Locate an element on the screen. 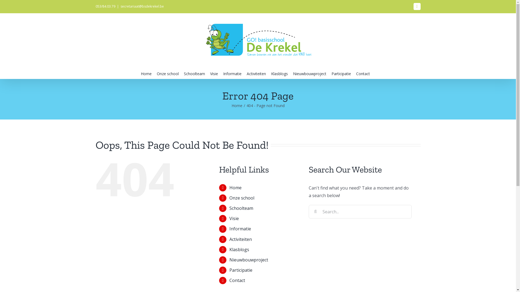 The height and width of the screenshot is (292, 520). 'Participatie' is located at coordinates (240, 270).